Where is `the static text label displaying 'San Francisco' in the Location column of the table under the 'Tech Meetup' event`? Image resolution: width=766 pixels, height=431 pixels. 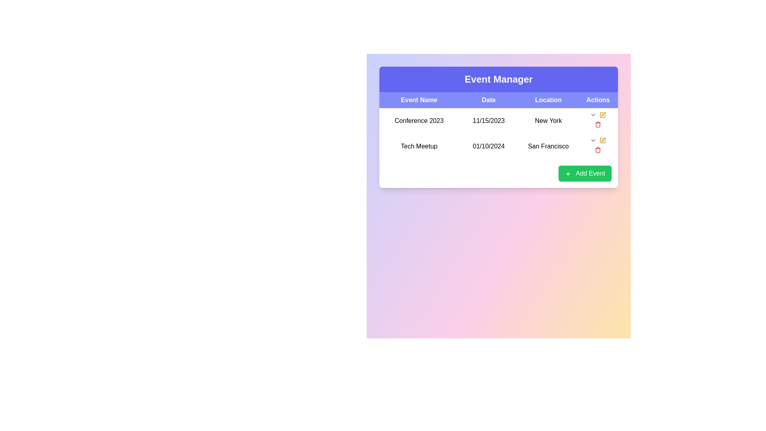
the static text label displaying 'San Francisco' in the Location column of the table under the 'Tech Meetup' event is located at coordinates (548, 146).